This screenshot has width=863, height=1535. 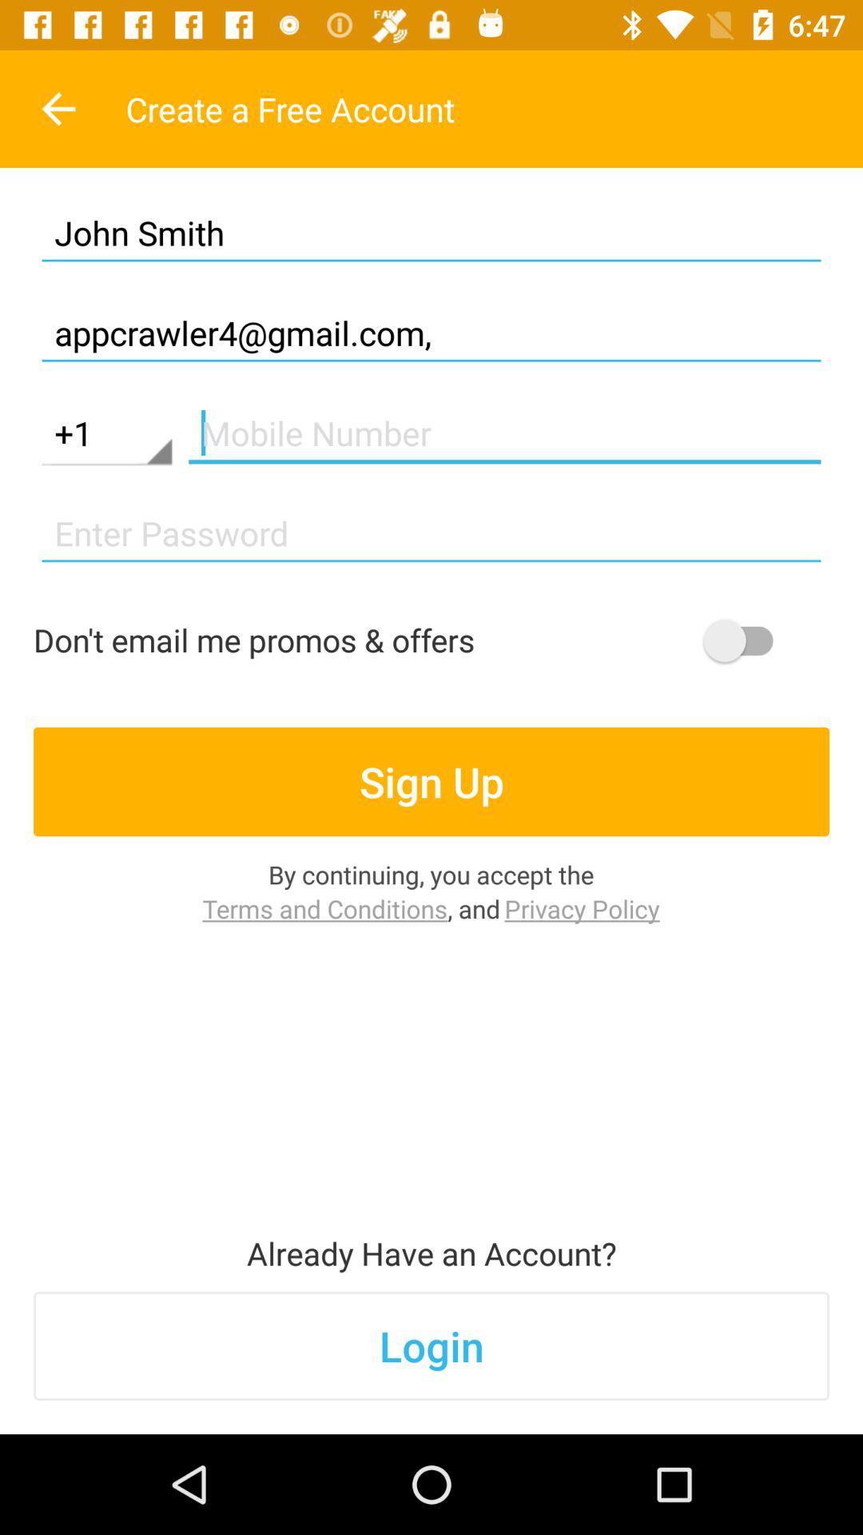 What do you see at coordinates (504, 433) in the screenshot?
I see `text` at bounding box center [504, 433].